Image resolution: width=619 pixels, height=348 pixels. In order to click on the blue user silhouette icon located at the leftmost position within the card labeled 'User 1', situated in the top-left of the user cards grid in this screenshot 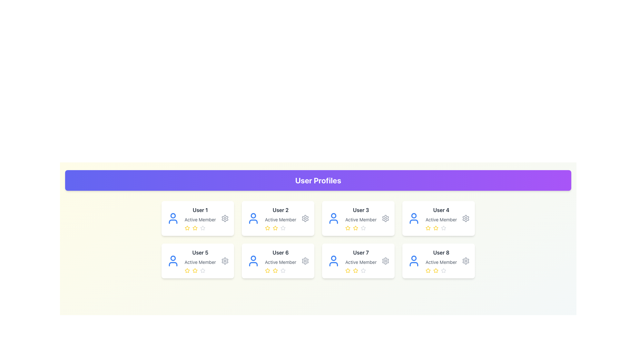, I will do `click(173, 218)`.